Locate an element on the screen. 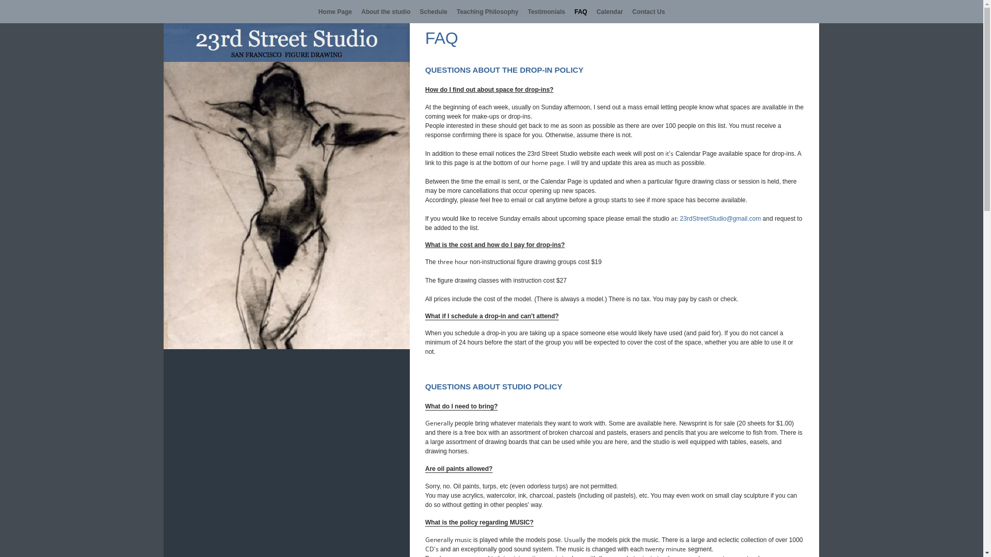  'Teaching Philosophy' is located at coordinates (487, 12).